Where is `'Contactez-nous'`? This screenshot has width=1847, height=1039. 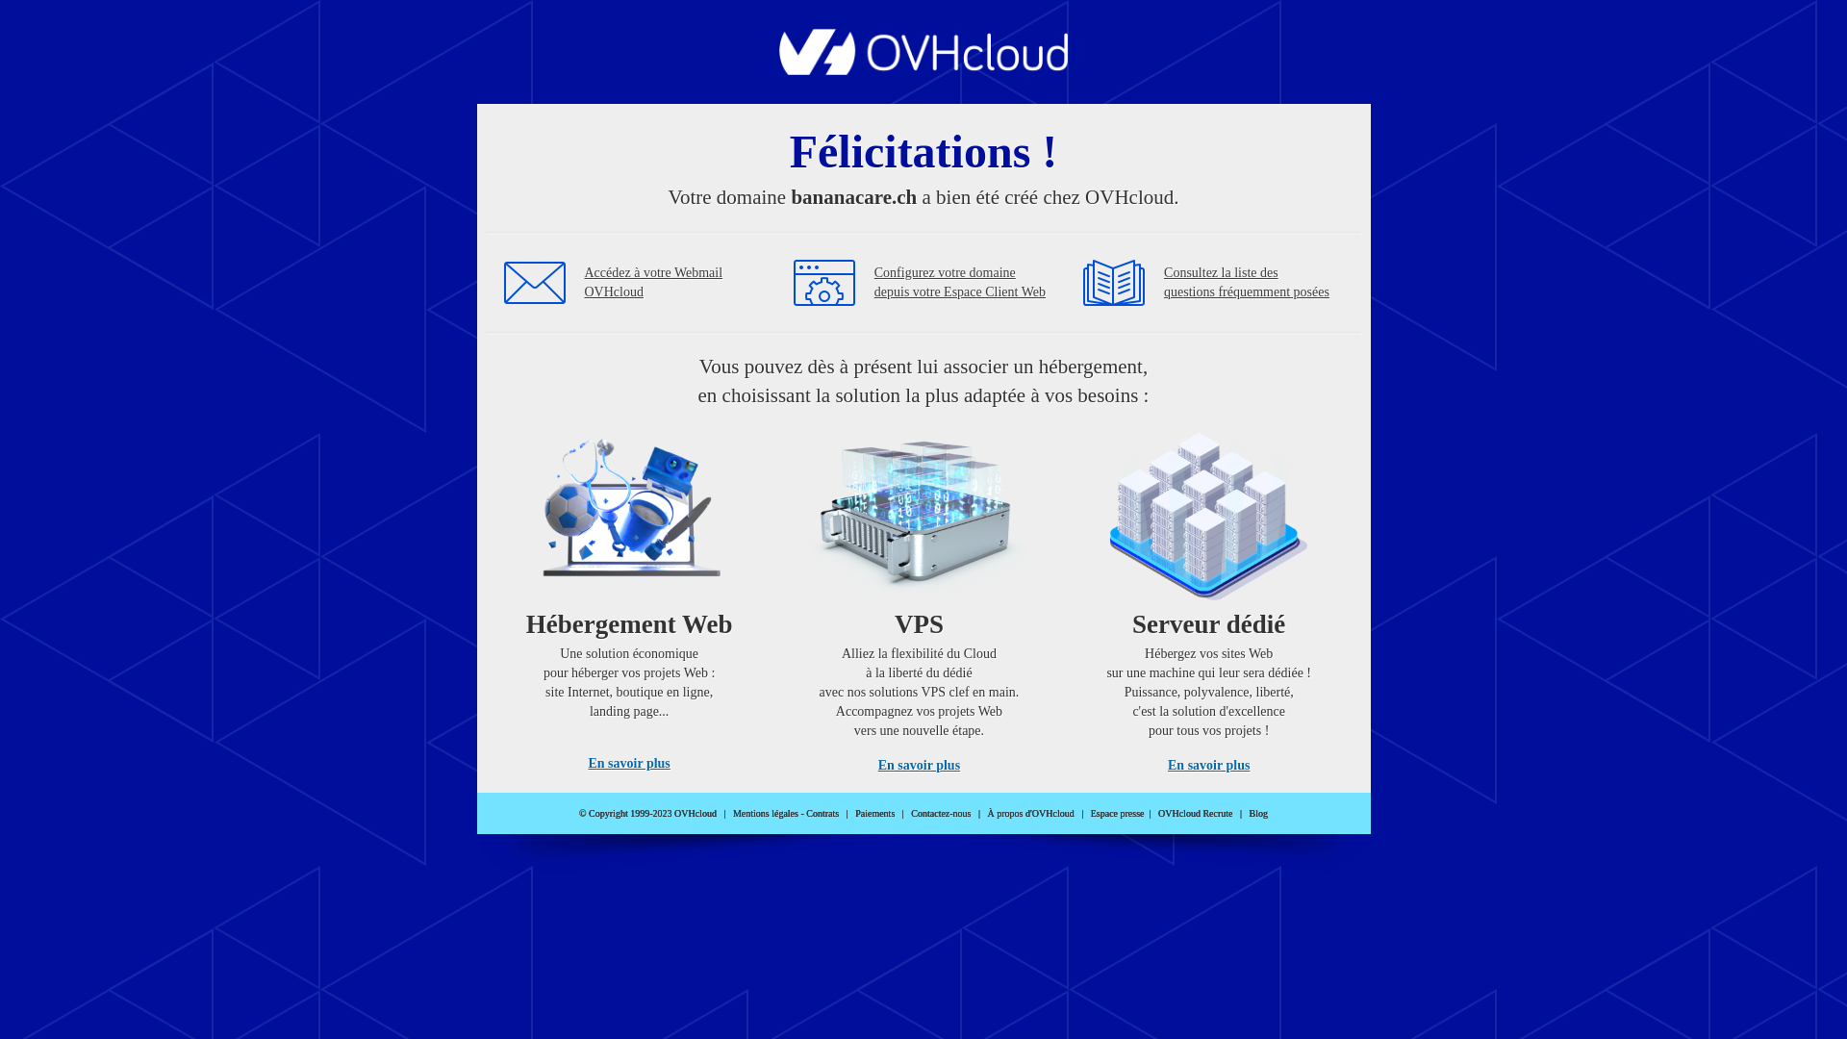
'Contactez-nous' is located at coordinates (941, 813).